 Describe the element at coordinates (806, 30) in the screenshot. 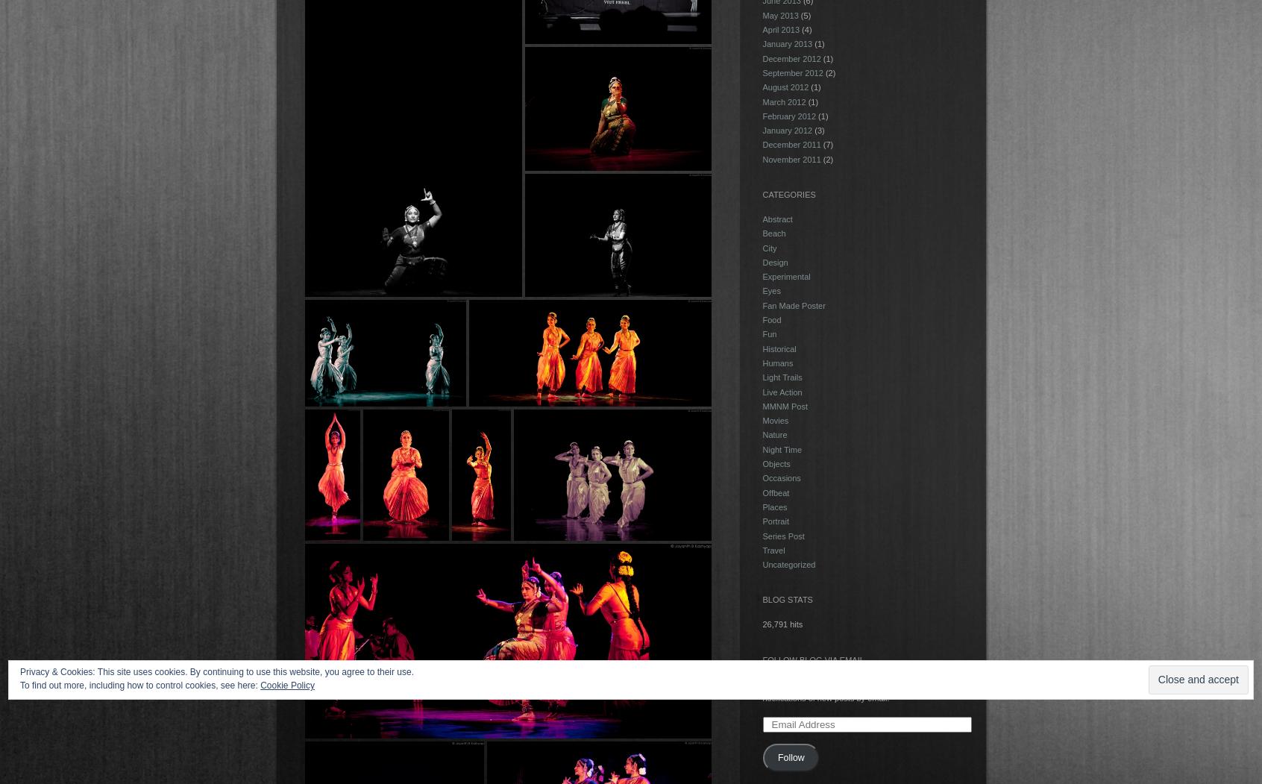

I see `'(4)'` at that location.